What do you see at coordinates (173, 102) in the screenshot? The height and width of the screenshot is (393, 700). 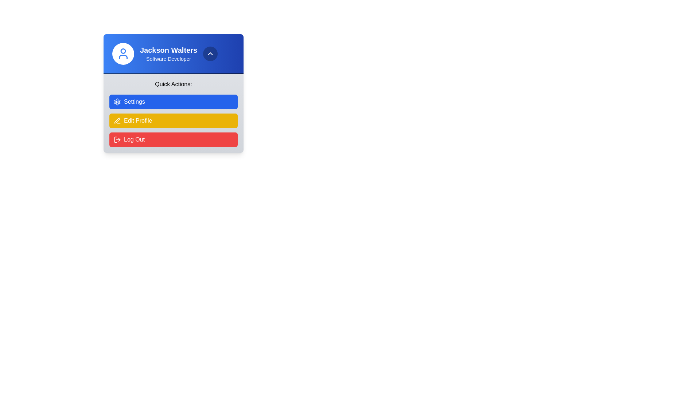 I see `the first button in the 'Quick Actions' section` at bounding box center [173, 102].